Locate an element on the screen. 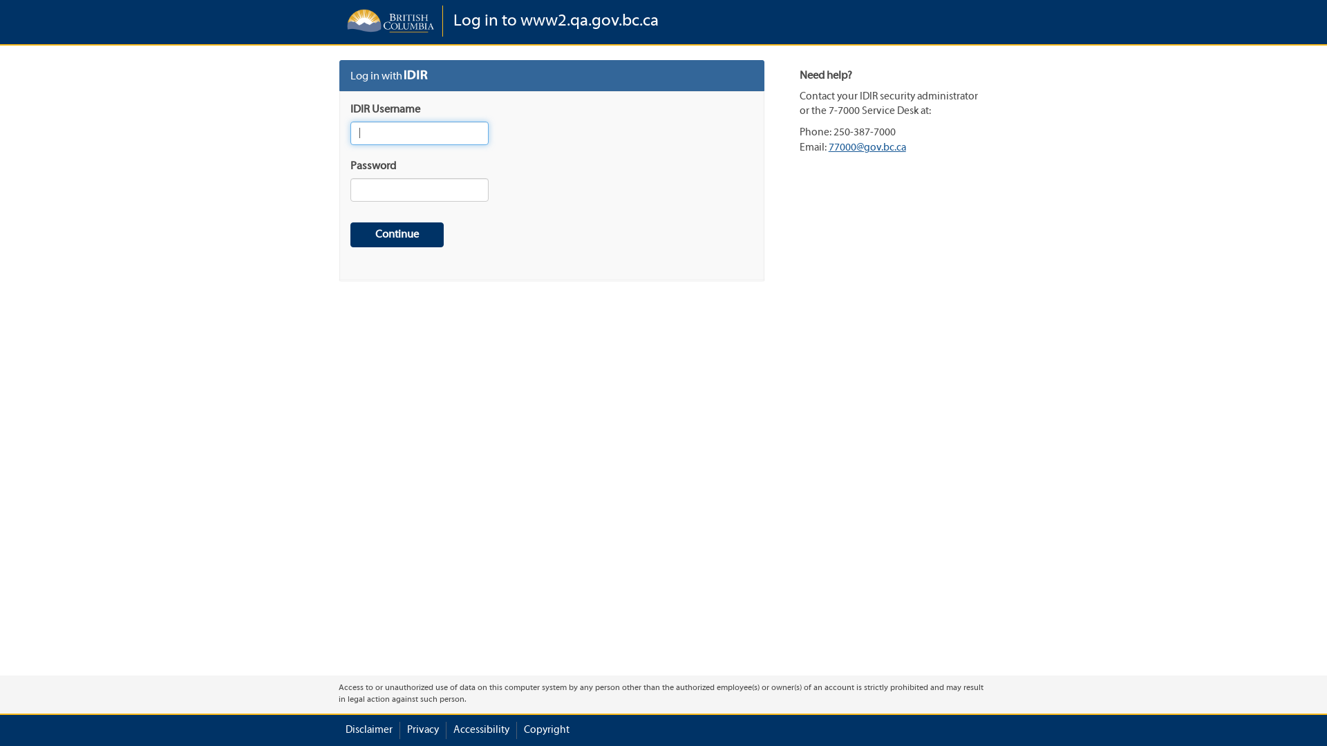 The height and width of the screenshot is (746, 1327). 'Continue' is located at coordinates (396, 234).